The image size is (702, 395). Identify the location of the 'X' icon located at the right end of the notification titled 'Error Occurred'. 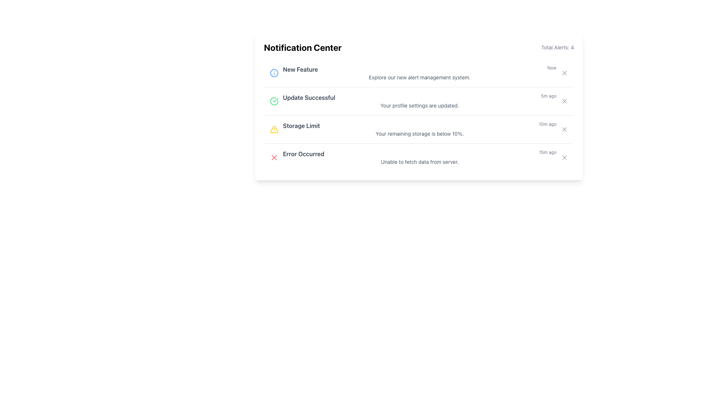
(564, 157).